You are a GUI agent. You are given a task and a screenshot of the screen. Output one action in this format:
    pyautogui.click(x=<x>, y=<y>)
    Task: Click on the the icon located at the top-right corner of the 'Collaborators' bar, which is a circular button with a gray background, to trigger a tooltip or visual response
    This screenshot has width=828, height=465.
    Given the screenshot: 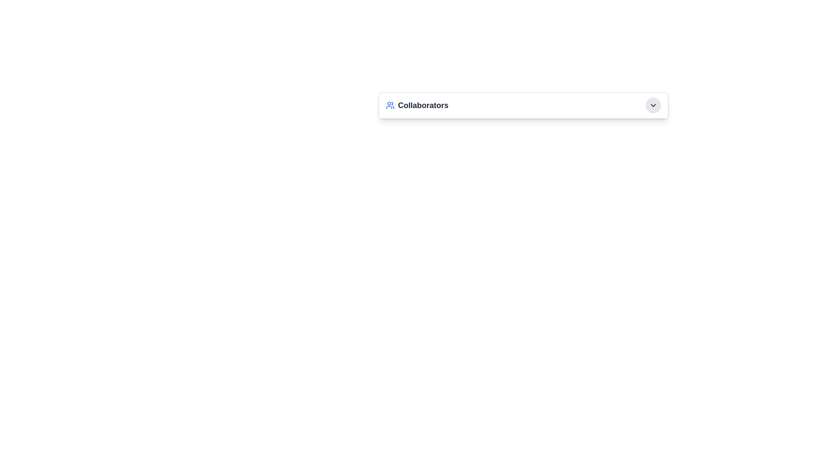 What is the action you would take?
    pyautogui.click(x=653, y=105)
    